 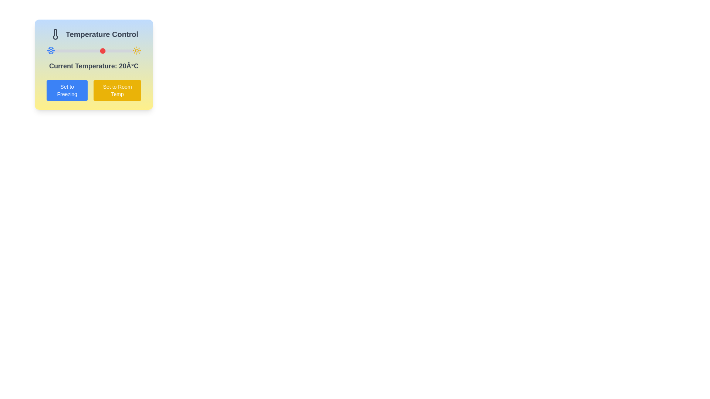 I want to click on the temperature, so click(x=126, y=51).